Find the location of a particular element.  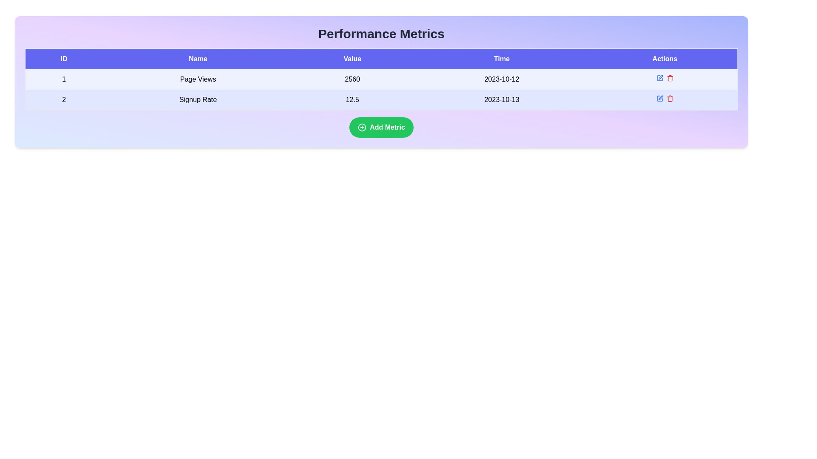

the edit icon located in the 'Actions' column of the second row of the table is located at coordinates (659, 98).